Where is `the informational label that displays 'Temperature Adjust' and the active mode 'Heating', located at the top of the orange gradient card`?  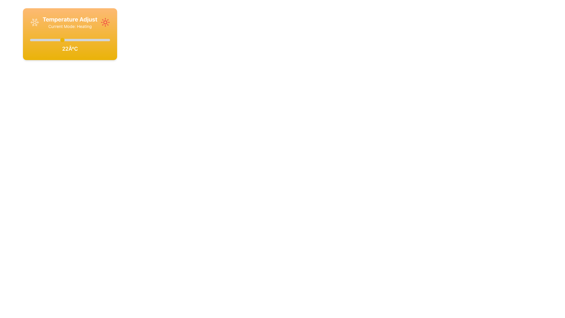 the informational label that displays 'Temperature Adjust' and the active mode 'Heating', located at the top of the orange gradient card is located at coordinates (70, 22).